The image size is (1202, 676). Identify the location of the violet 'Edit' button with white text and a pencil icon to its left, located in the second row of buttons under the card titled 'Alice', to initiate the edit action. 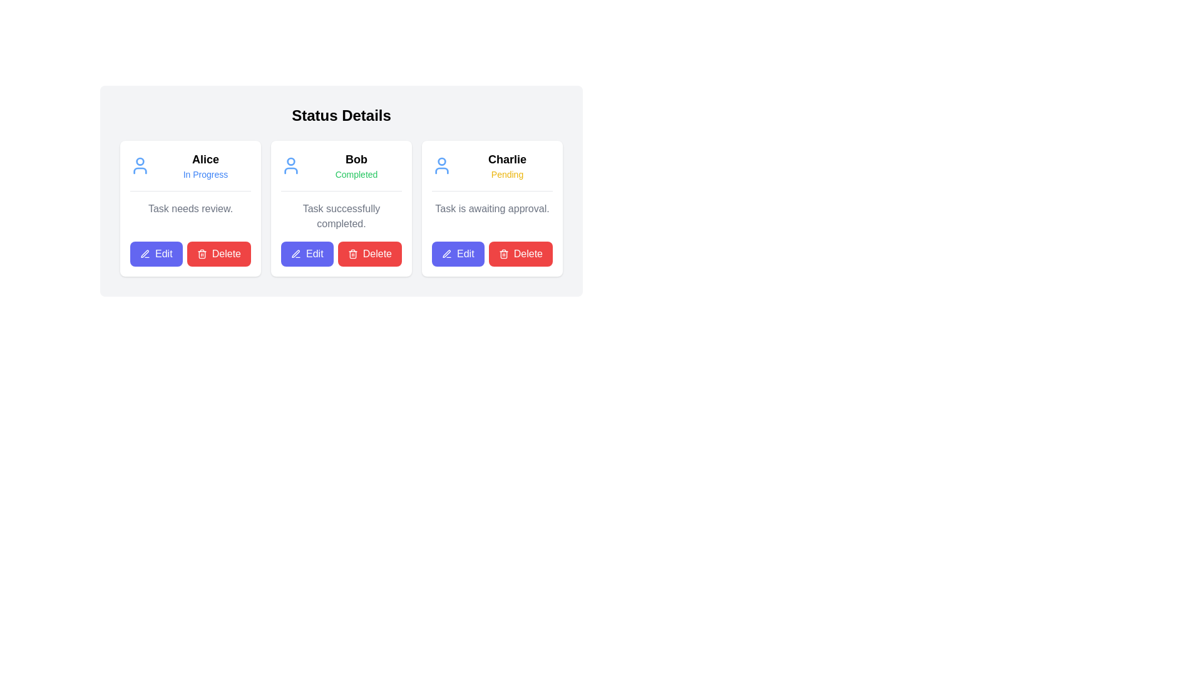
(155, 253).